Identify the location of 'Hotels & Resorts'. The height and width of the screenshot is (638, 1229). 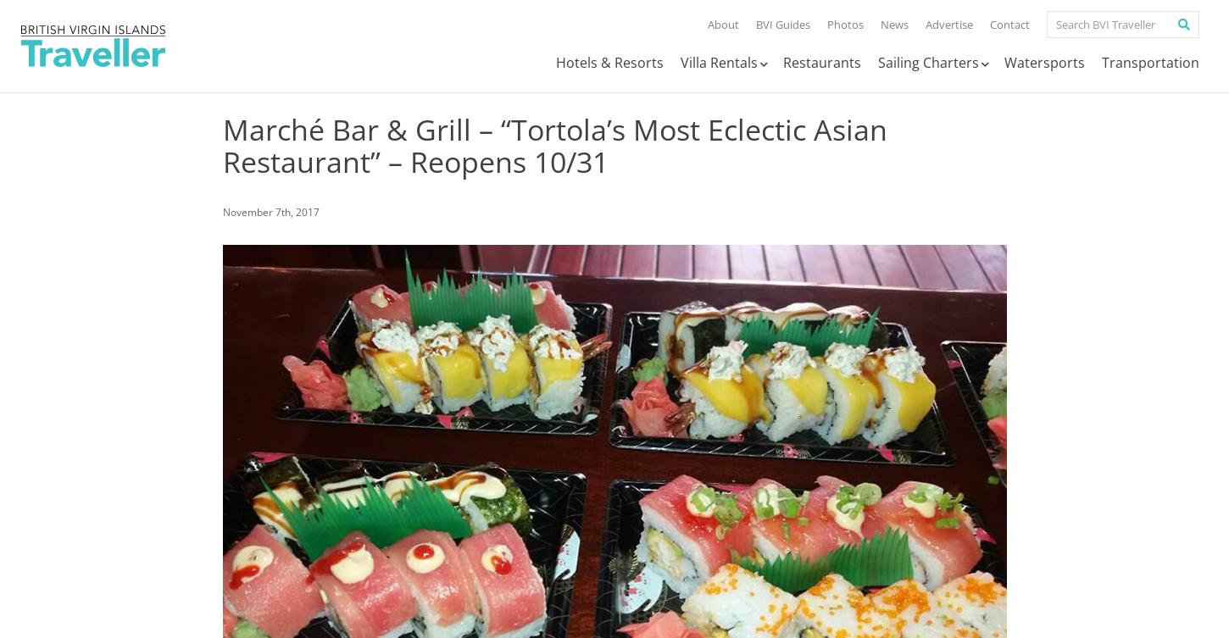
(609, 63).